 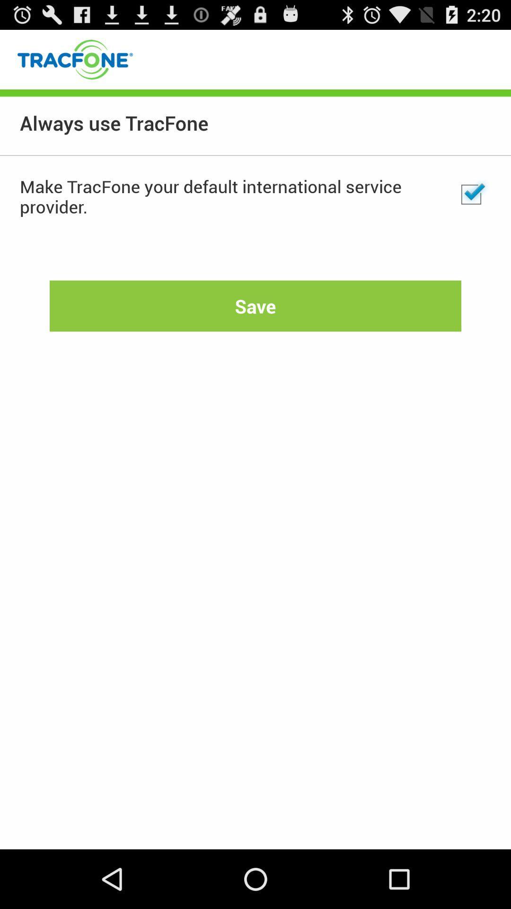 What do you see at coordinates (471, 194) in the screenshot?
I see `app next to the make tracfone your item` at bounding box center [471, 194].